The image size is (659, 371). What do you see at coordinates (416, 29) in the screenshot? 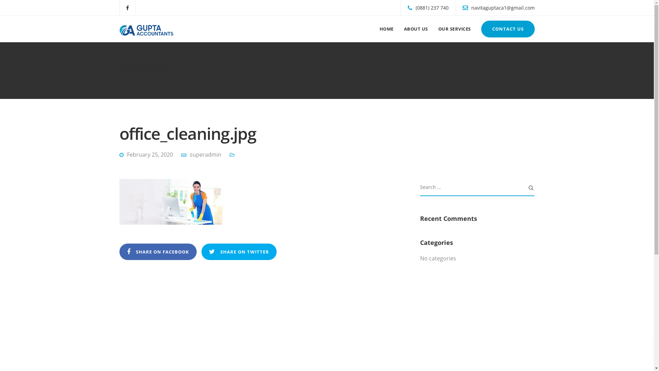
I see `'ABOUT US'` at bounding box center [416, 29].